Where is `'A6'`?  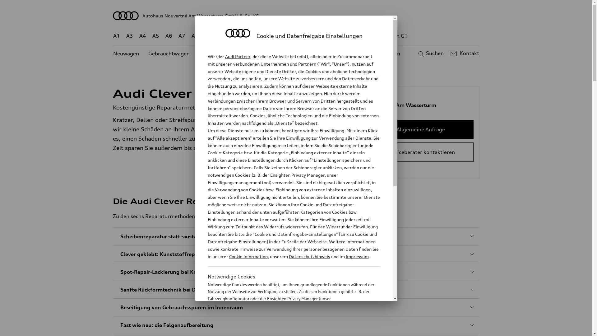
'A6' is located at coordinates (169, 36).